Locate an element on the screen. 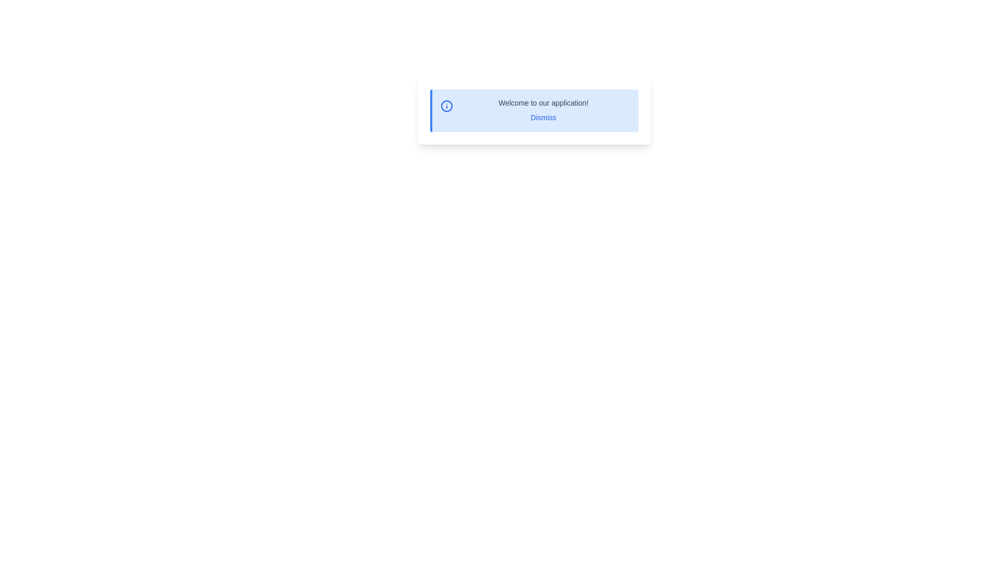 The height and width of the screenshot is (562, 1000). the dismiss button located on the right side of the welcoming message 'Welcome to our application!' is located at coordinates (543, 117).